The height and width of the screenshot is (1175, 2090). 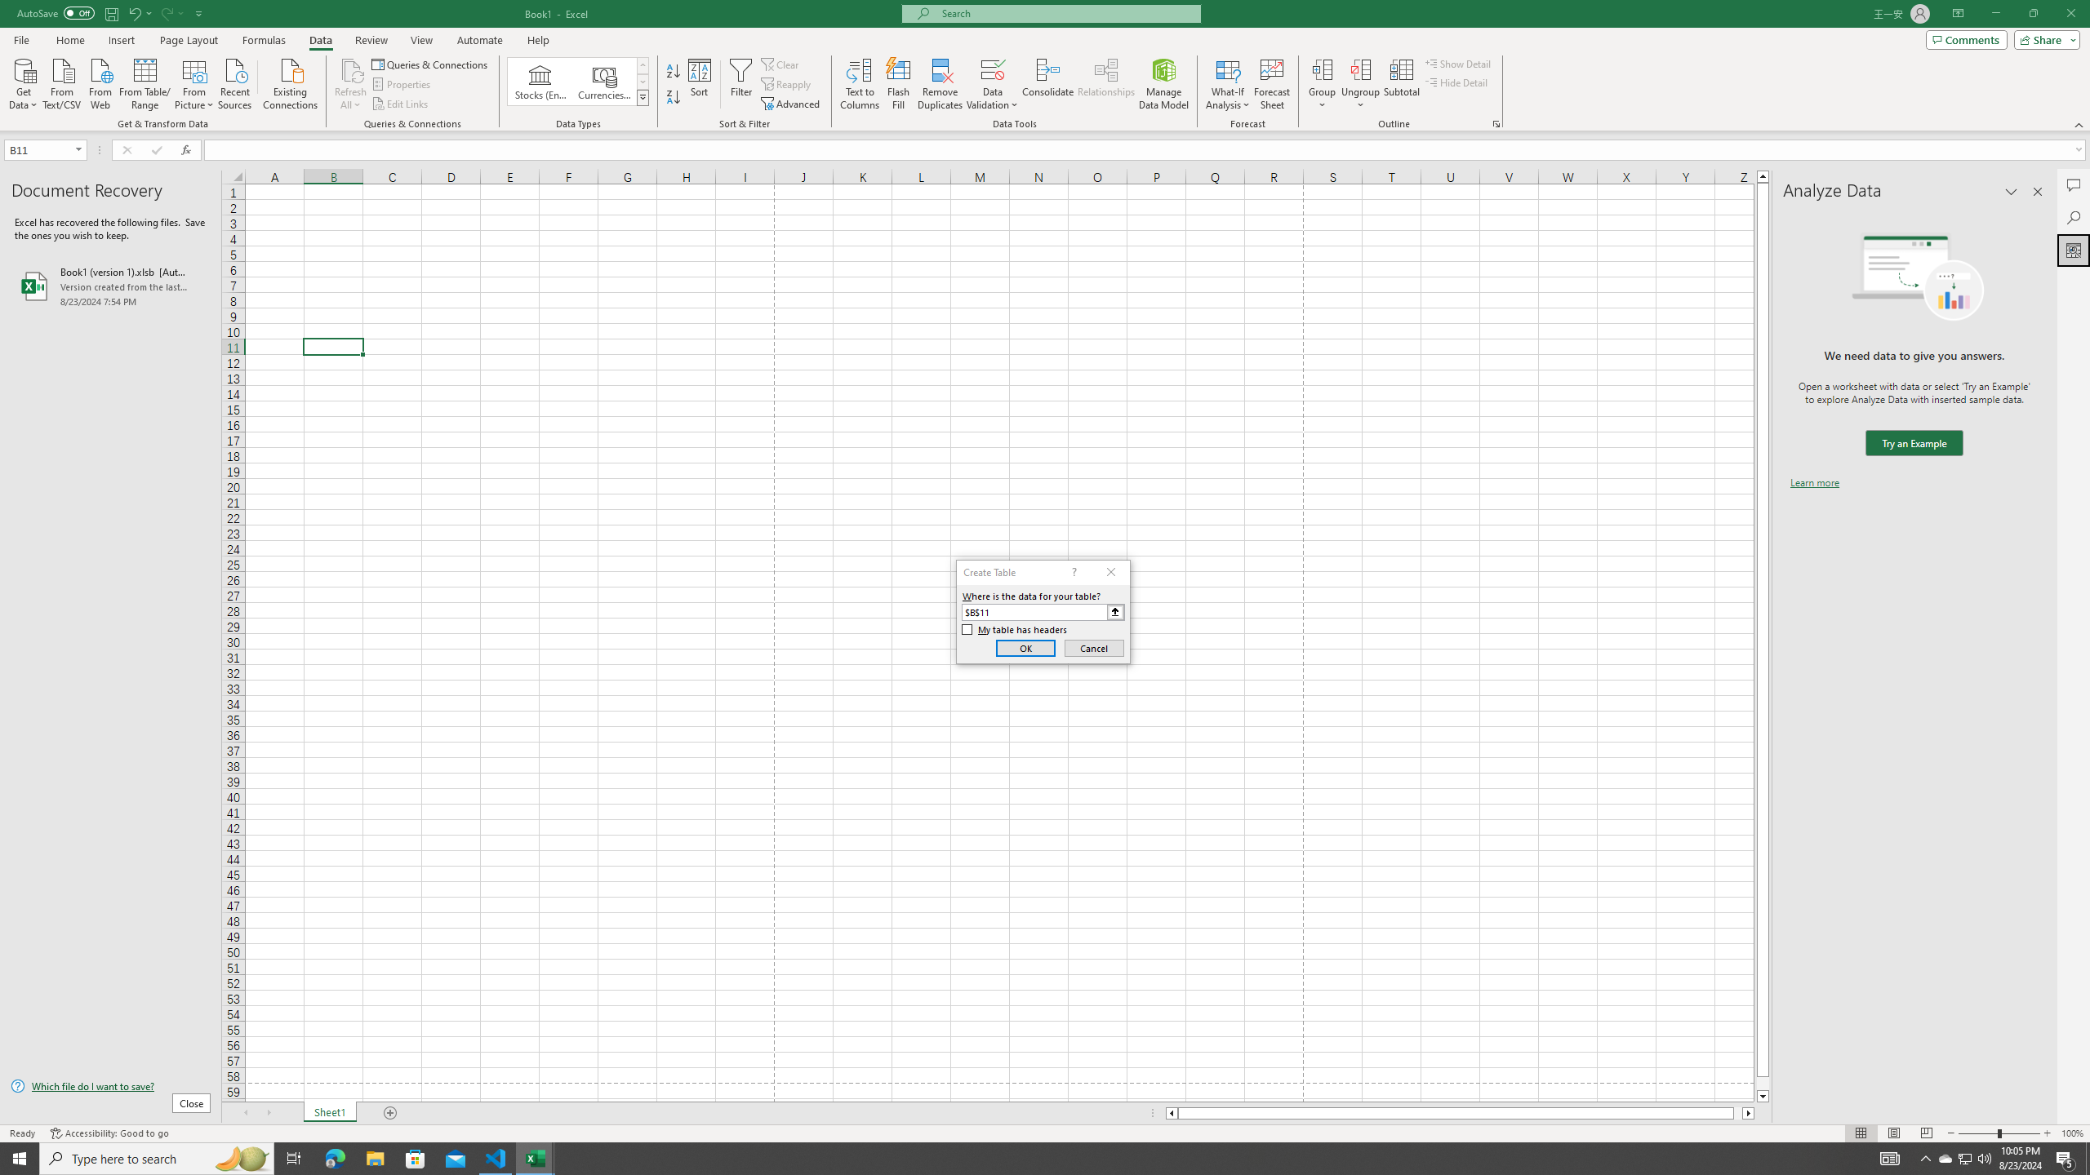 What do you see at coordinates (1228, 84) in the screenshot?
I see `'What-If Analysis'` at bounding box center [1228, 84].